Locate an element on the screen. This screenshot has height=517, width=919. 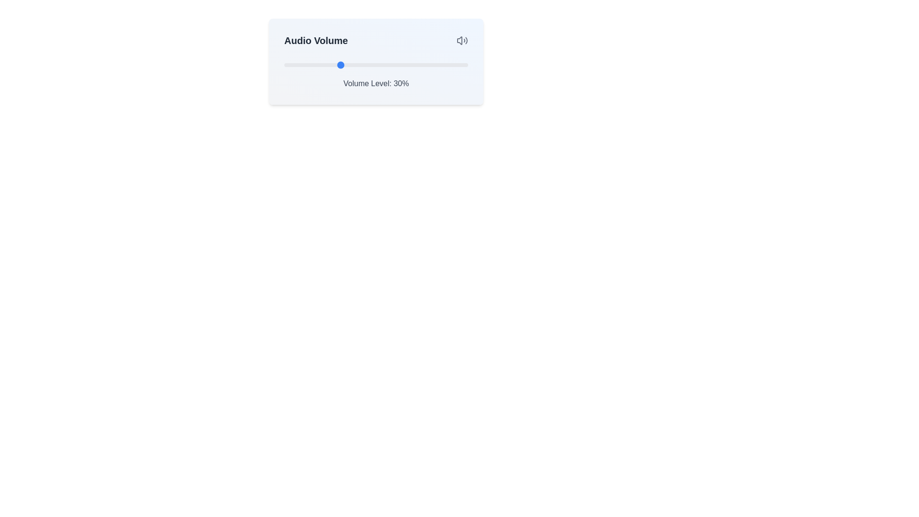
the volume level is located at coordinates (381, 65).